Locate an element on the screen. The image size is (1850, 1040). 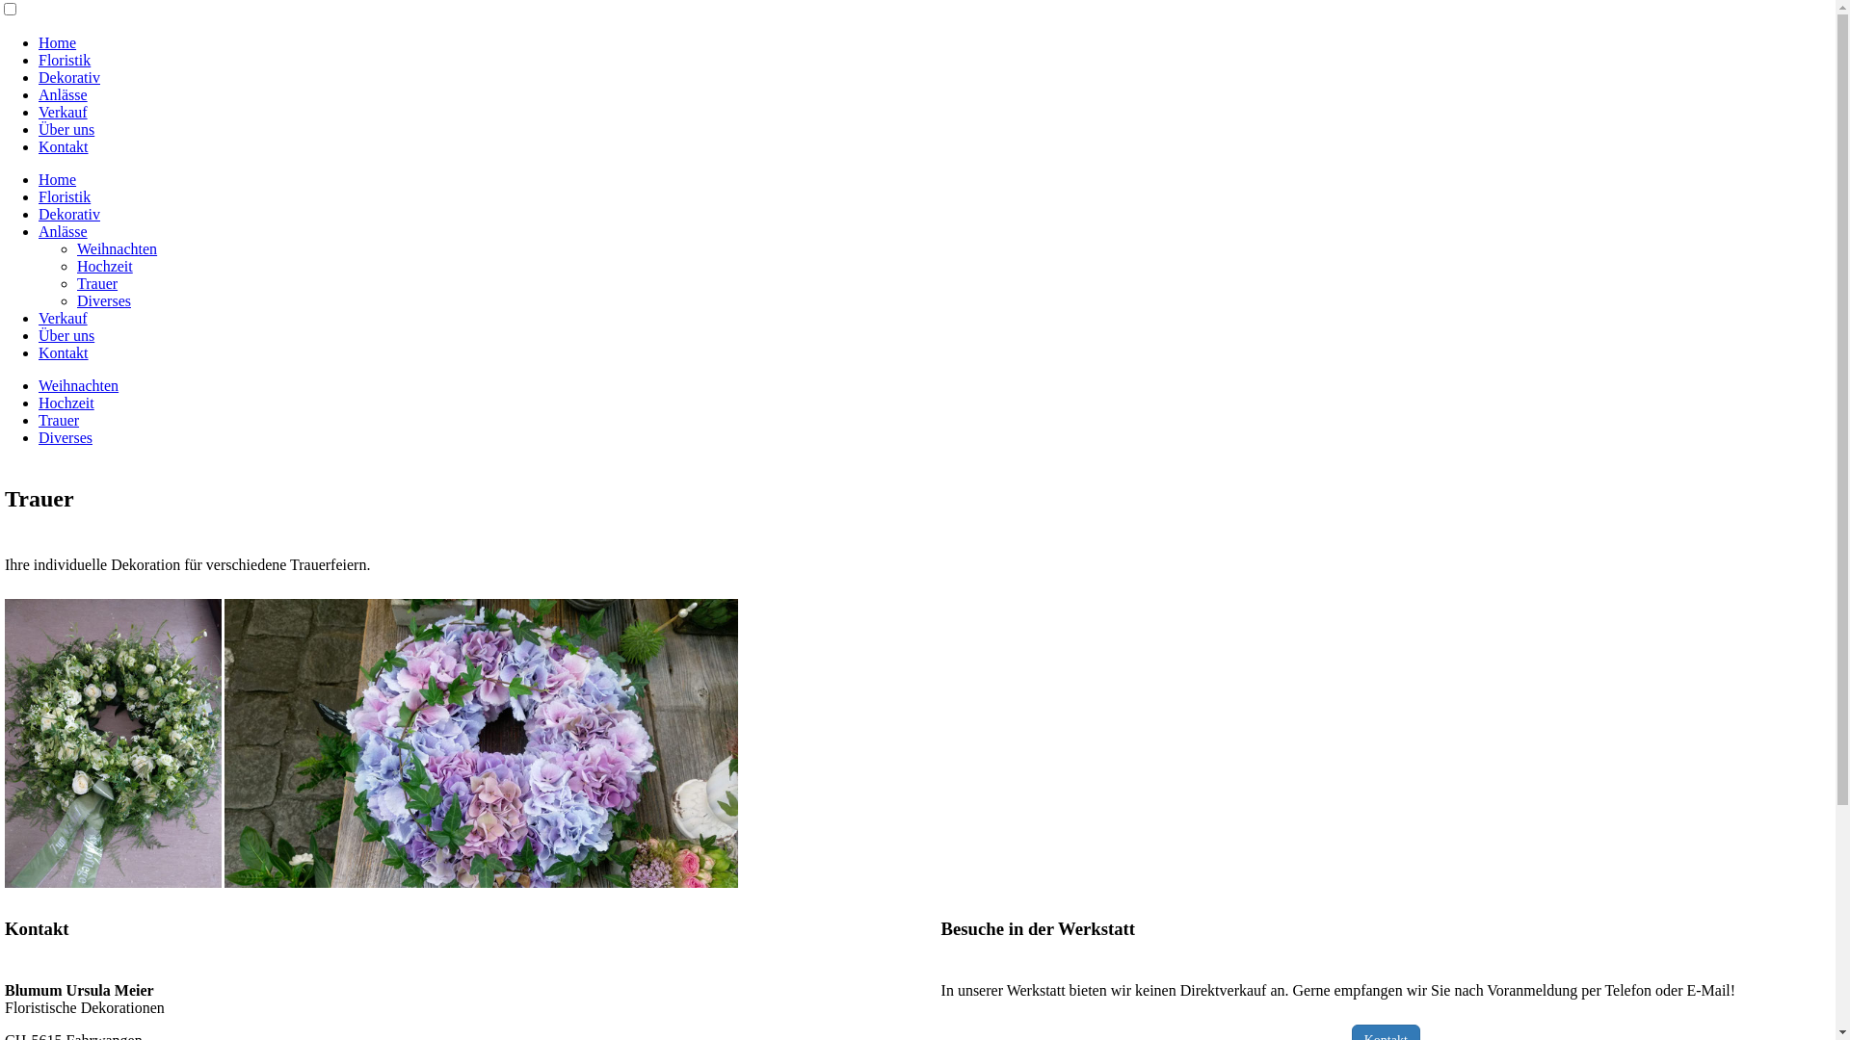
'Verkauf' is located at coordinates (63, 317).